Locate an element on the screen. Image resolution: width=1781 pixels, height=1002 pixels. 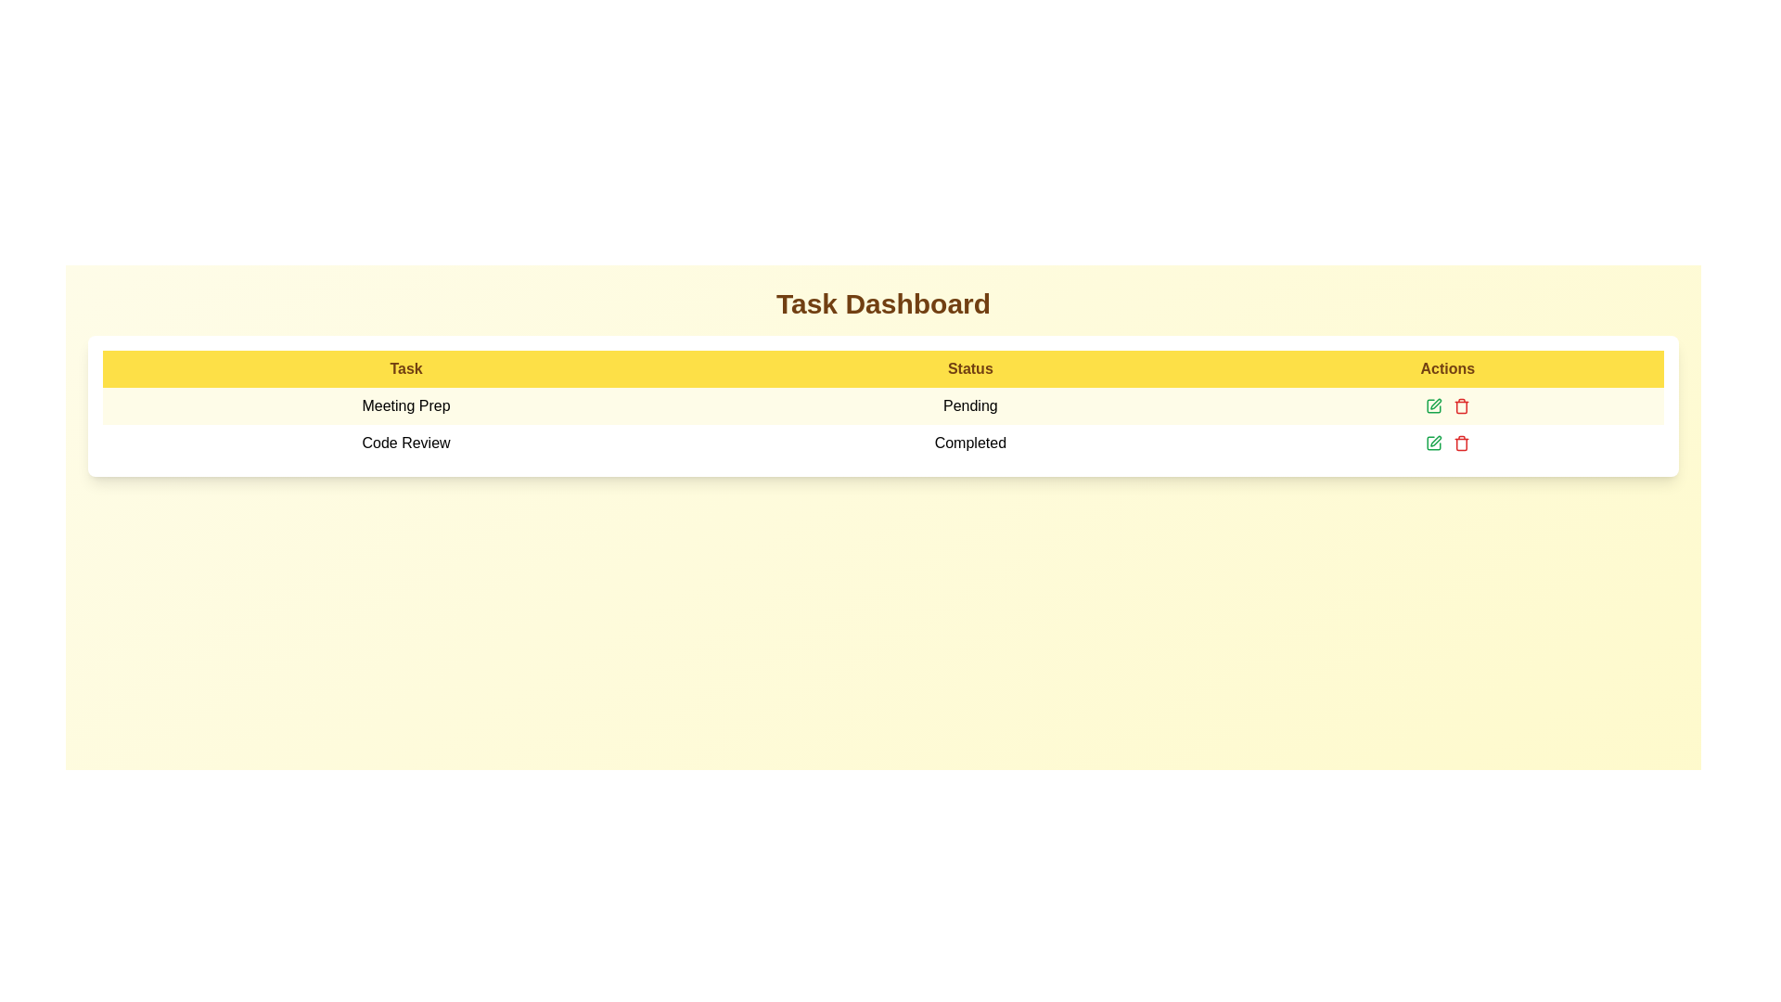
the trash can icon in the Interactive control group within the 'Actions' column of the task management interface is located at coordinates (1446, 405).